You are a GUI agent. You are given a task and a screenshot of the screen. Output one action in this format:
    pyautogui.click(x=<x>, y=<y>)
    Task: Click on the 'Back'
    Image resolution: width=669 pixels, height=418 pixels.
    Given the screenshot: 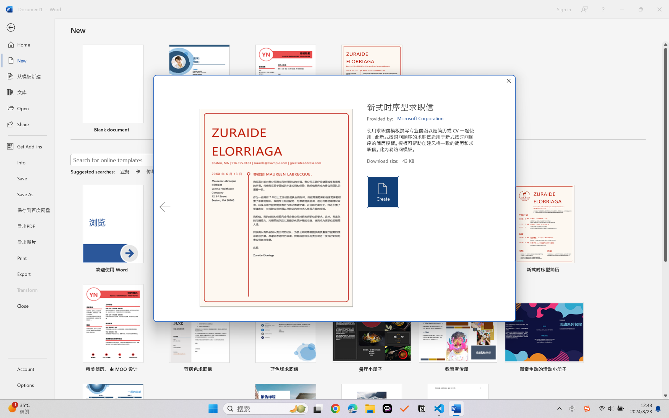 What is the action you would take?
    pyautogui.click(x=27, y=28)
    